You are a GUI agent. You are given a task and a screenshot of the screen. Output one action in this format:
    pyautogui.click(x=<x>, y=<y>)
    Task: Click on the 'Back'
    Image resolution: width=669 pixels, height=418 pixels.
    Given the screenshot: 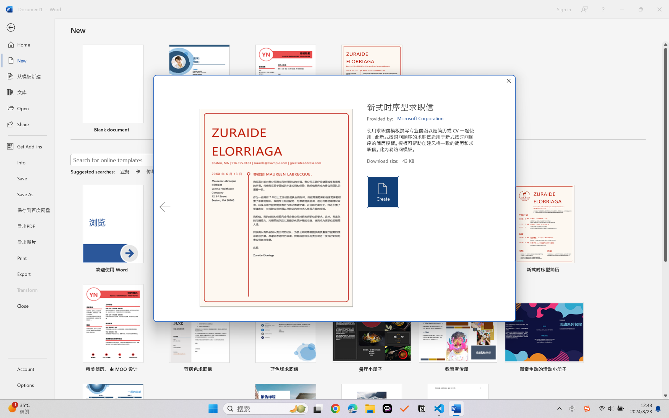 What is the action you would take?
    pyautogui.click(x=27, y=28)
    